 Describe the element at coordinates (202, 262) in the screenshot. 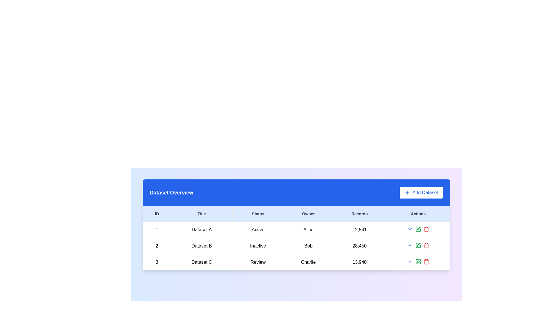

I see `the text label displaying 'Dataset C'` at that location.